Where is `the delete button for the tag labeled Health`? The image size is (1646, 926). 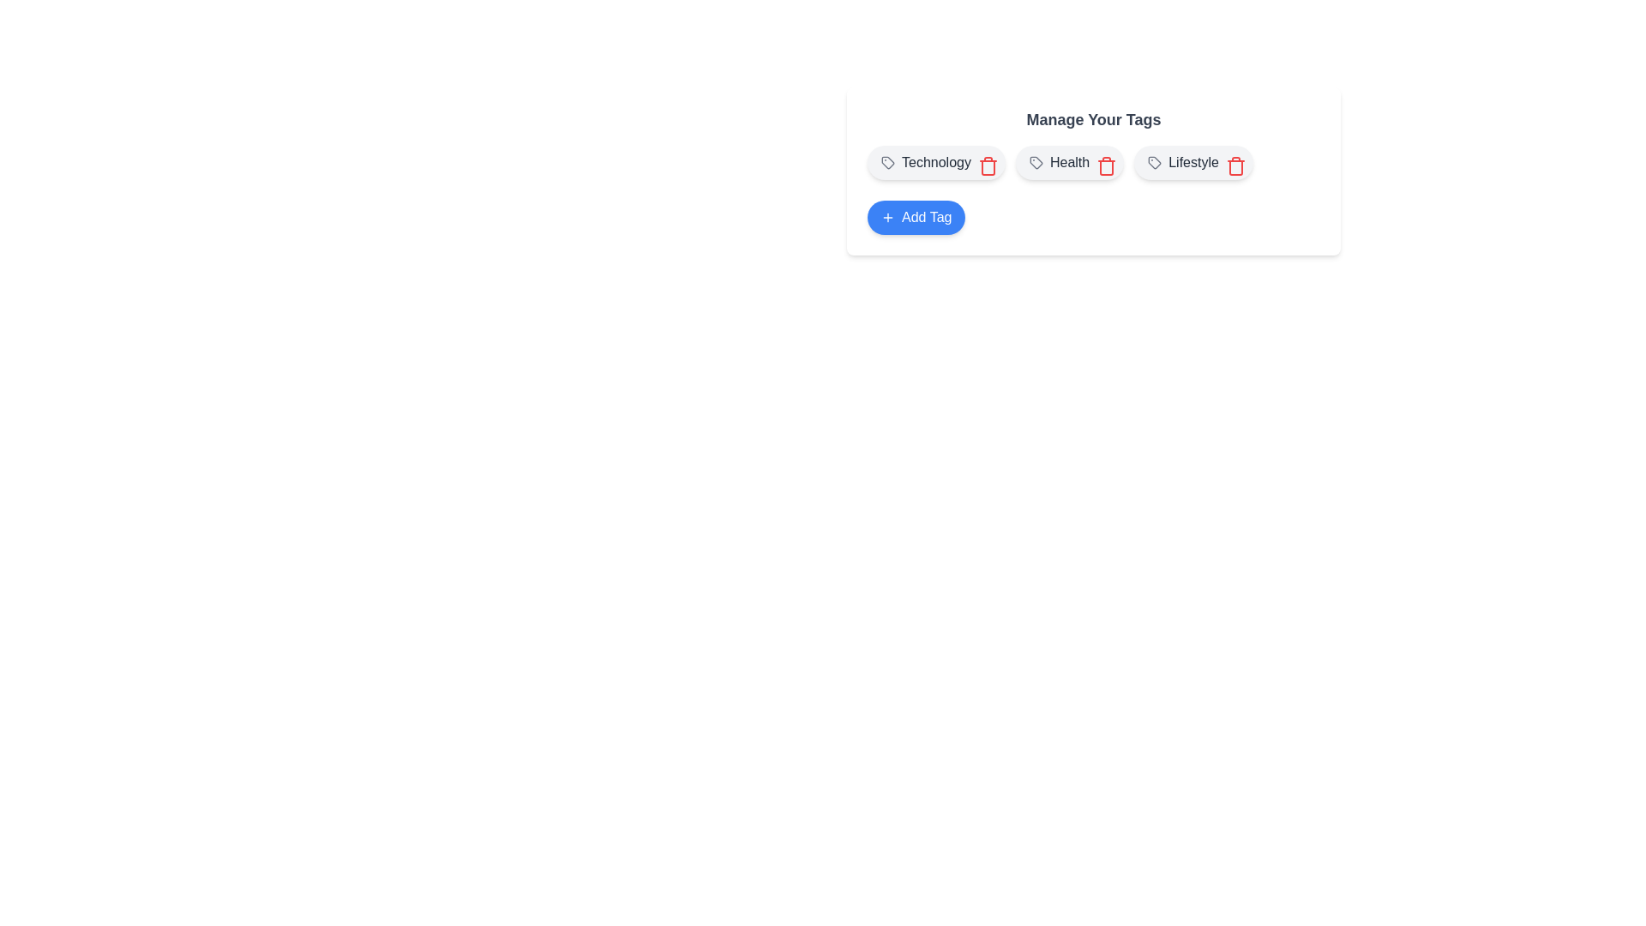
the delete button for the tag labeled Health is located at coordinates (1103, 162).